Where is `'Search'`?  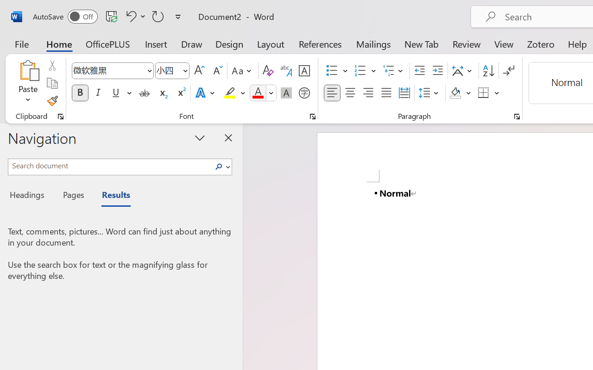 'Search' is located at coordinates (218, 166).